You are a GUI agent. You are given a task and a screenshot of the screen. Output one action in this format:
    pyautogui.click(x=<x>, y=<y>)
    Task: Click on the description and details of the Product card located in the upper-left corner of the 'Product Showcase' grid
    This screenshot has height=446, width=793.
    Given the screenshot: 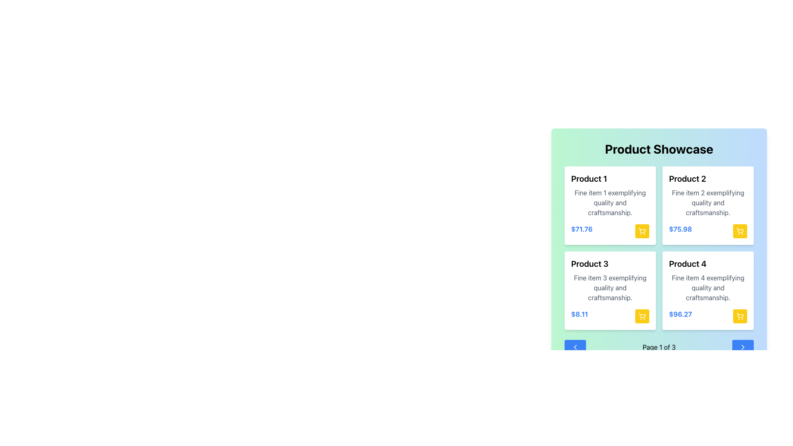 What is the action you would take?
    pyautogui.click(x=610, y=205)
    